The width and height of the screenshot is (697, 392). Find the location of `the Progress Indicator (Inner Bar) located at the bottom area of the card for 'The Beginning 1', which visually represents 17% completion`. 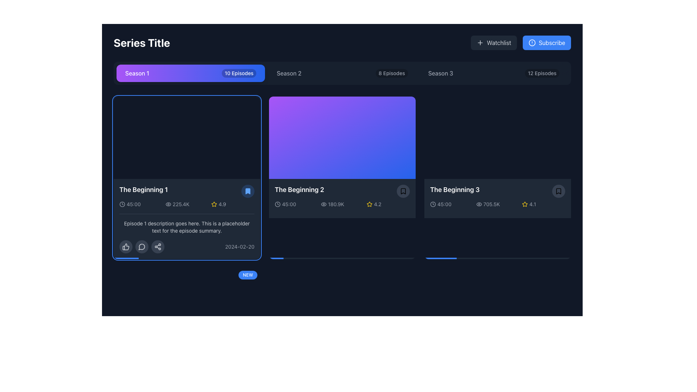

the Progress Indicator (Inner Bar) located at the bottom area of the card for 'The Beginning 1', which visually represents 17% completion is located at coordinates (126, 258).